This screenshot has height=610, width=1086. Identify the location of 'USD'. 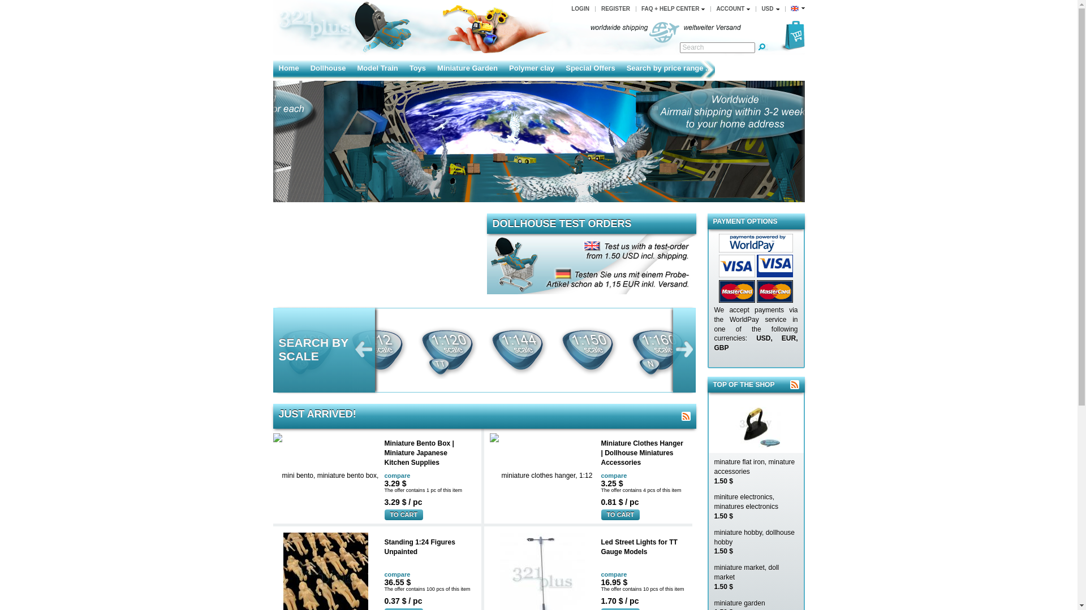
(761, 8).